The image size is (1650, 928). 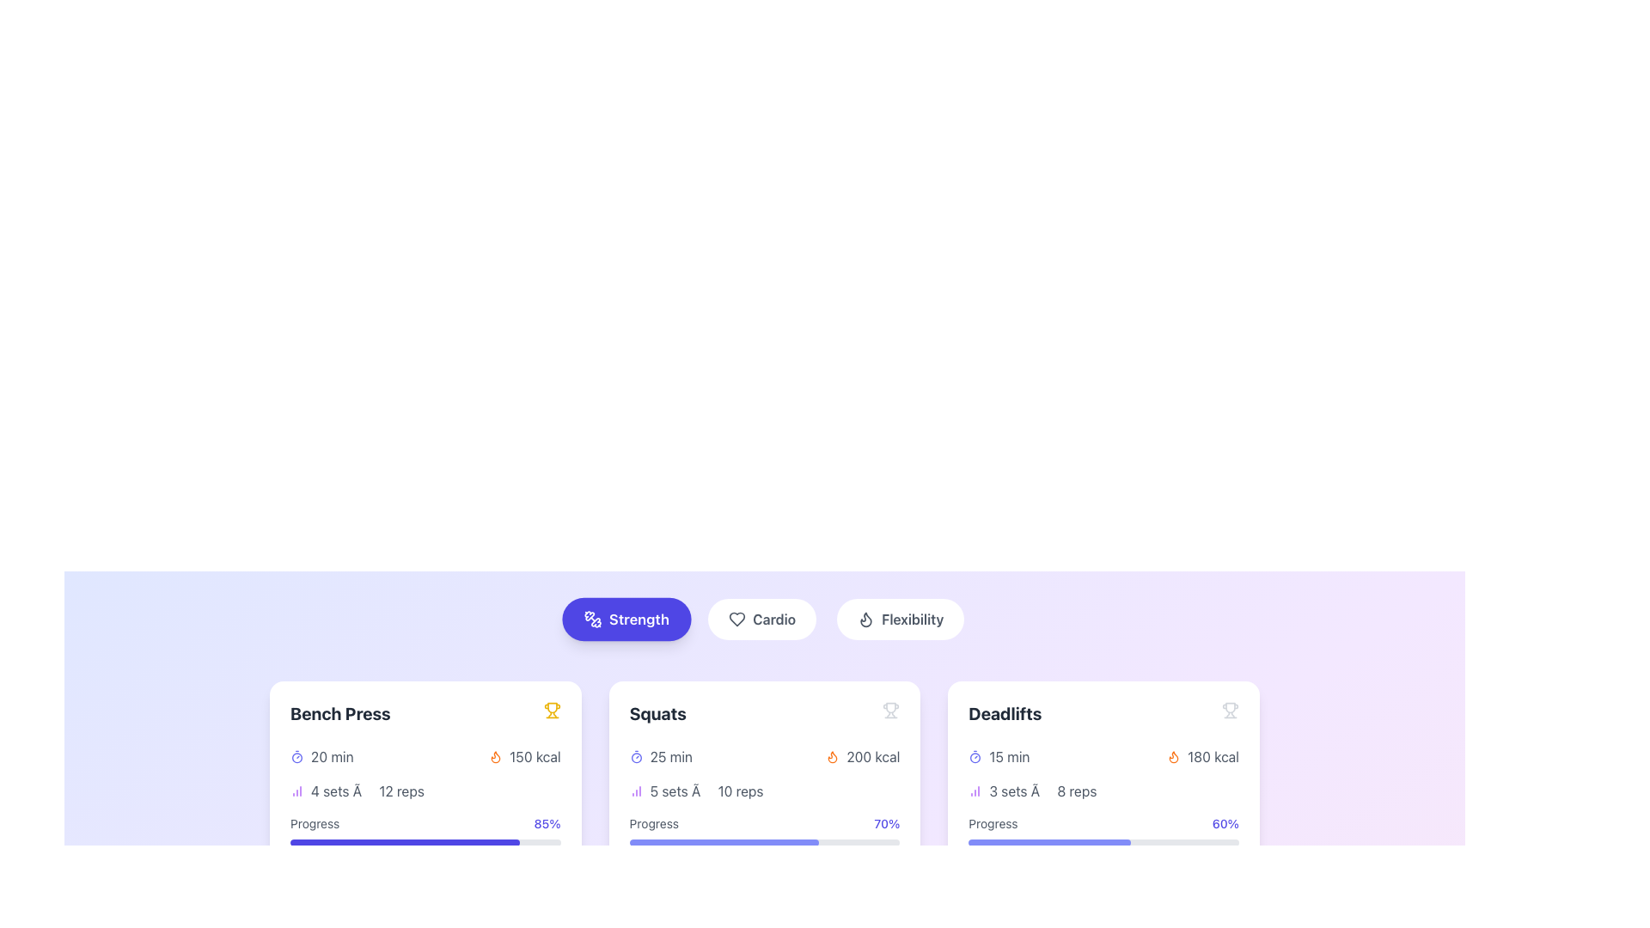 I want to click on the heart icon located directly below the 'Strength' navigation category to interact with it, so click(x=737, y=620).